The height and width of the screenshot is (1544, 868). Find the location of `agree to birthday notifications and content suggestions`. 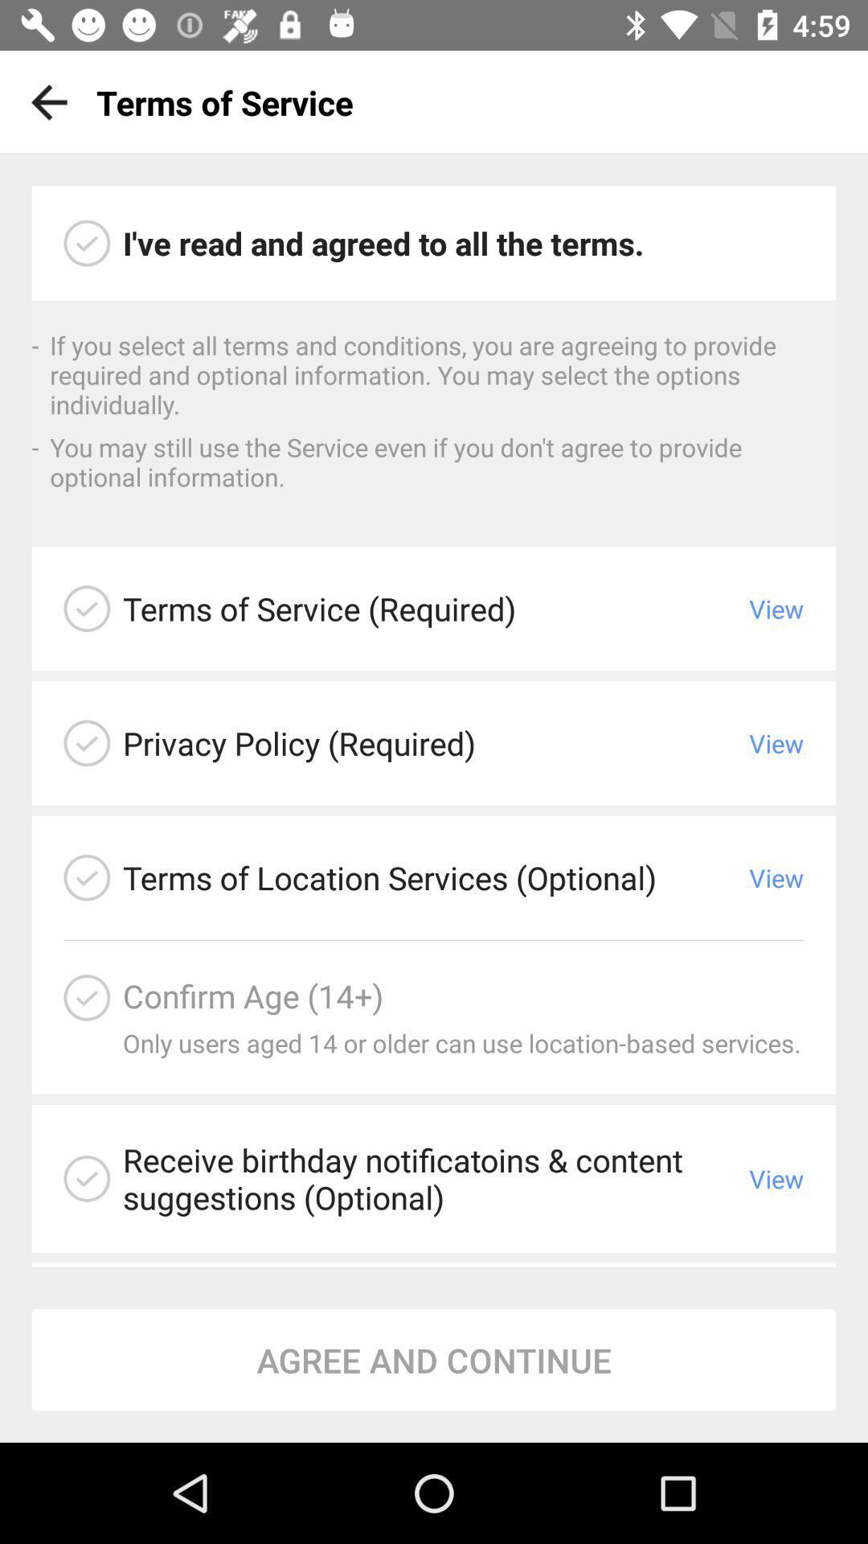

agree to birthday notifications and content suggestions is located at coordinates (87, 1178).